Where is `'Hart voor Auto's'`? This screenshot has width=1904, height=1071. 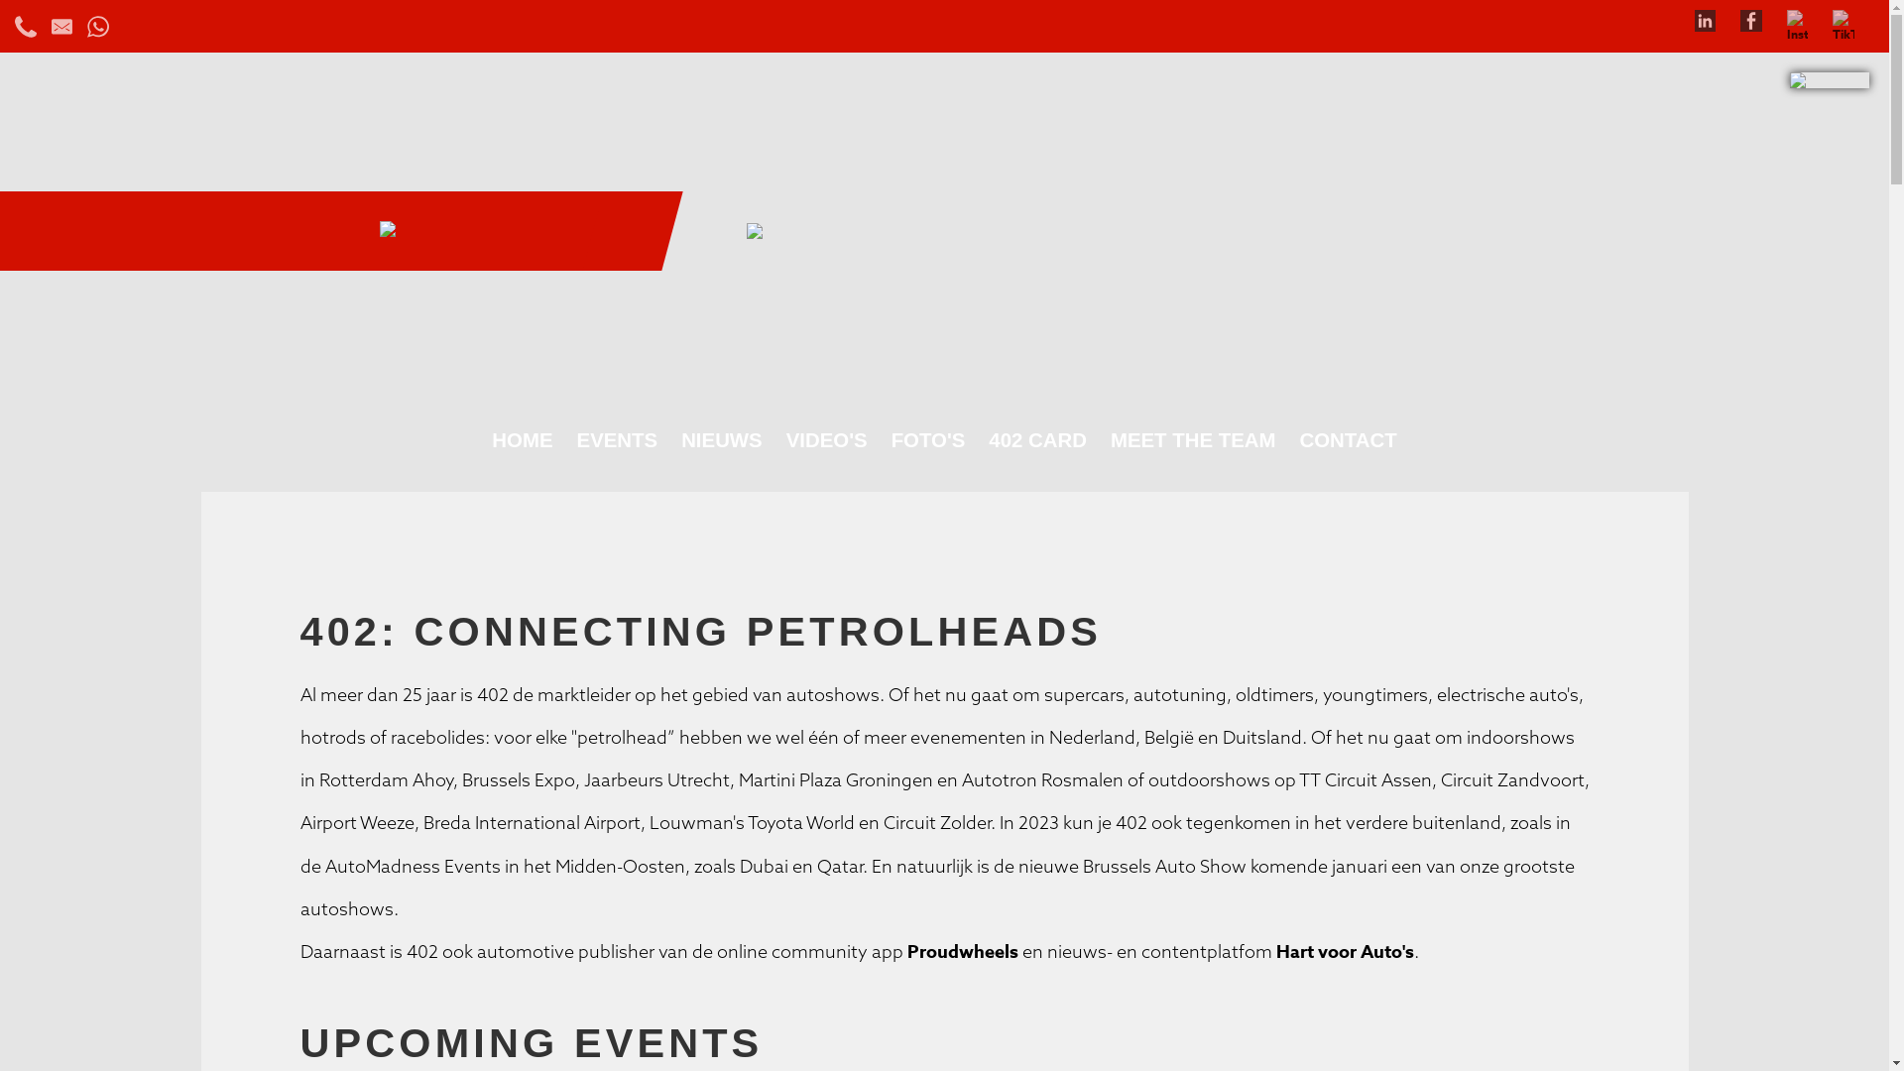
'Hart voor Auto's' is located at coordinates (1270, 951).